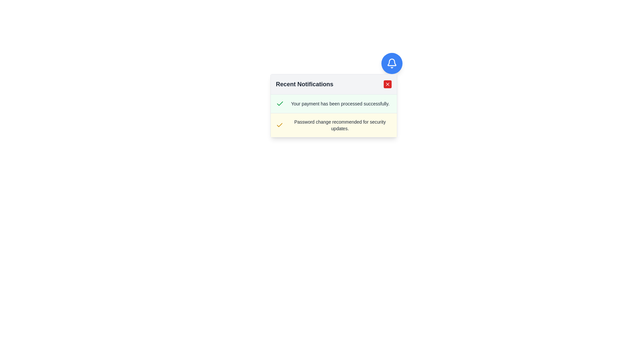 The width and height of the screenshot is (634, 357). Describe the element at coordinates (387, 84) in the screenshot. I see `the small square button with a red background and white 'X' icon located in the top-right corner of the 'Recent Notifications' header section` at that location.